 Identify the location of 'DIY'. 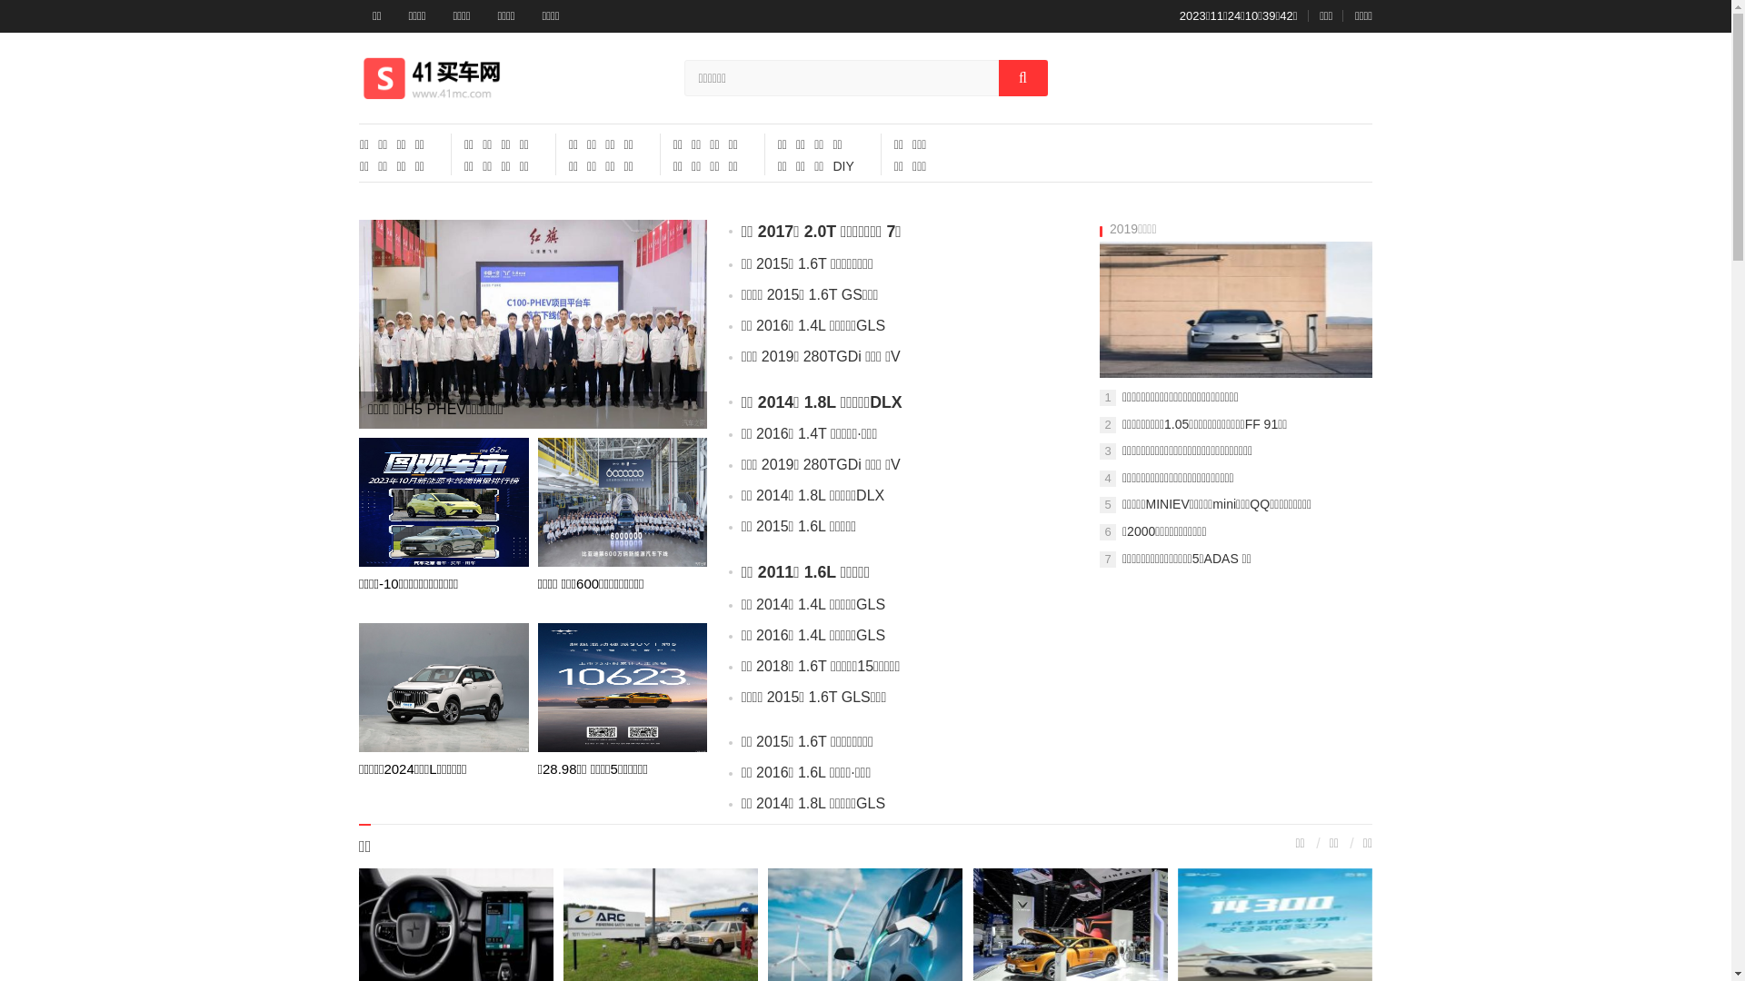
(842, 165).